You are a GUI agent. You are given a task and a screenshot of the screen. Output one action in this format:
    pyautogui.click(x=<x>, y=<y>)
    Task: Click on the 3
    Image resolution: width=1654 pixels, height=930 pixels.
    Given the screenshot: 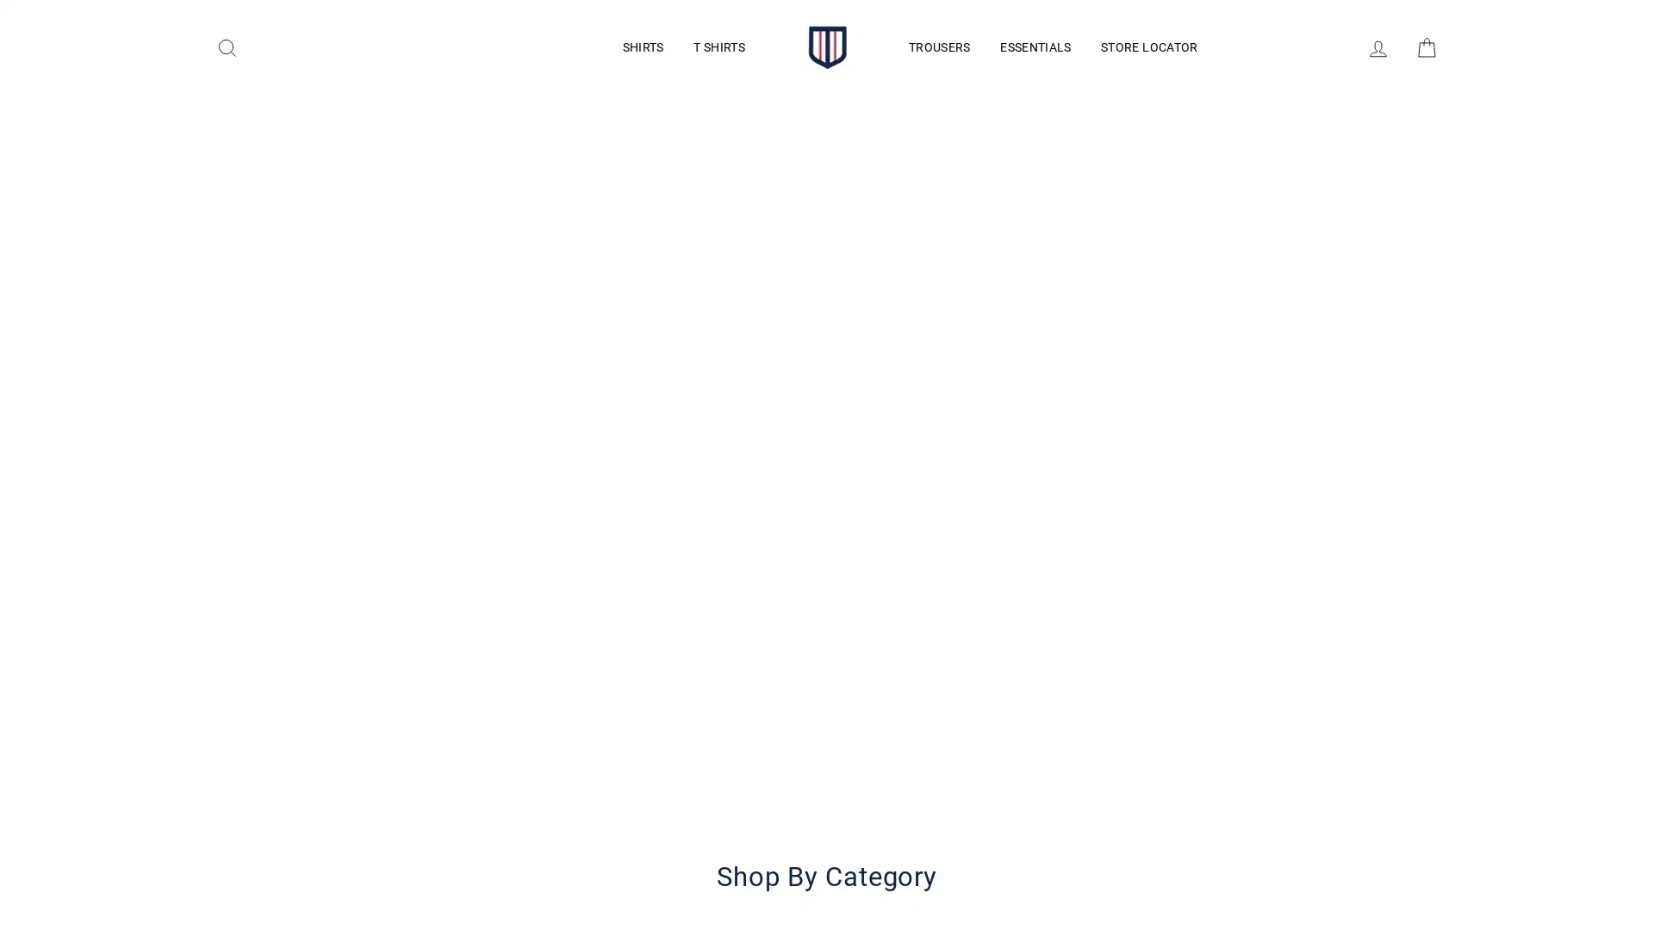 What is the action you would take?
    pyautogui.click(x=963, y=833)
    